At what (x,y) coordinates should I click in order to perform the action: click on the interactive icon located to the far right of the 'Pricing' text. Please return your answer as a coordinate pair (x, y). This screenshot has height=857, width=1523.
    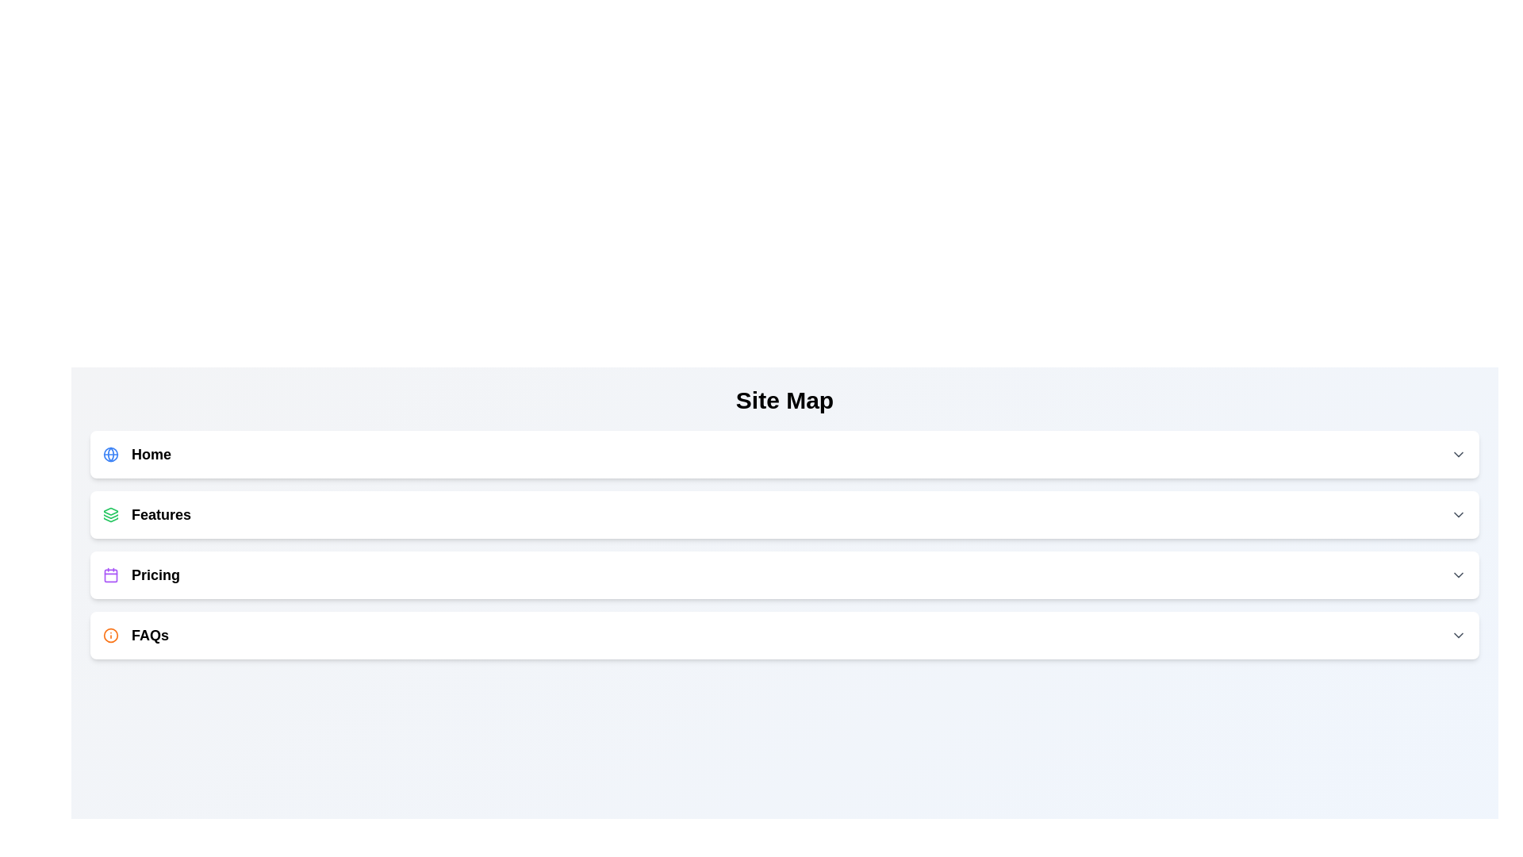
    Looking at the image, I should click on (1458, 575).